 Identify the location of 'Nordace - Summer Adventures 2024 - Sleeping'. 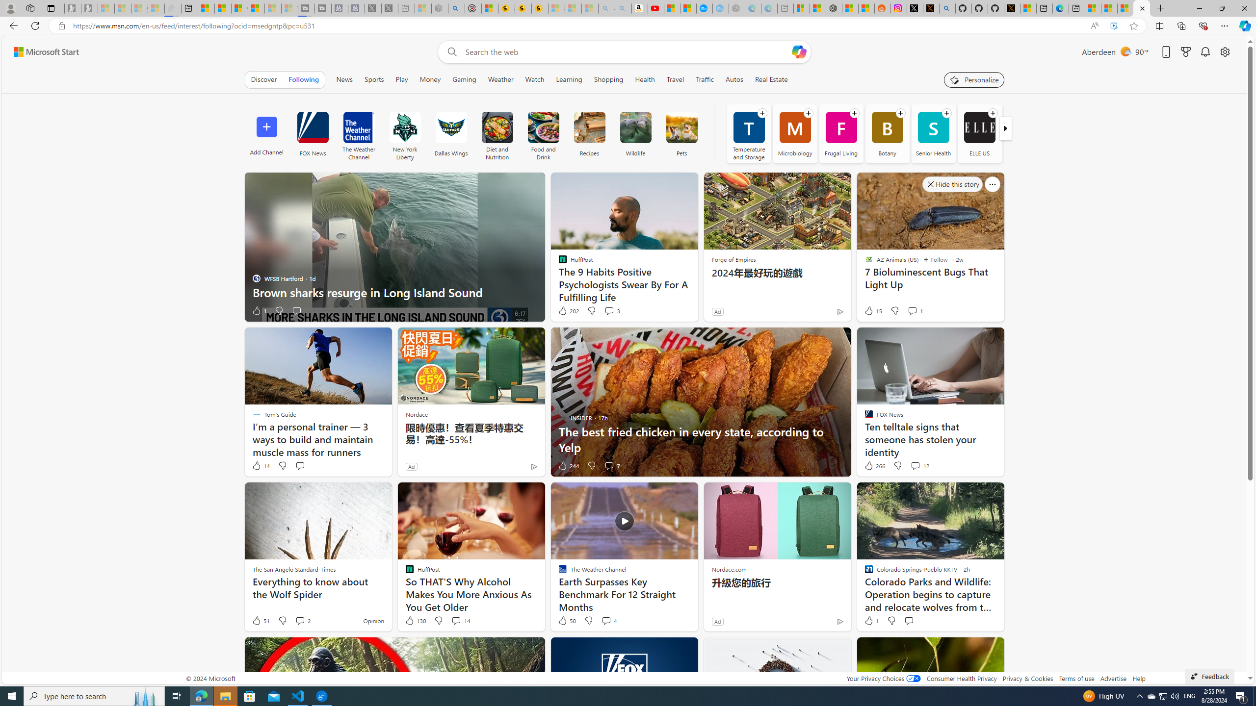
(440, 8).